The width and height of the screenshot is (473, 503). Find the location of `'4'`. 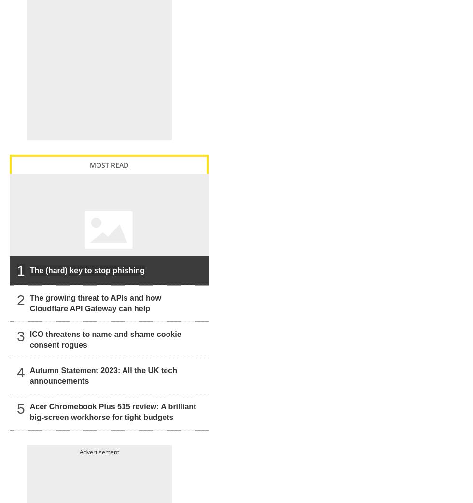

'4' is located at coordinates (21, 372).